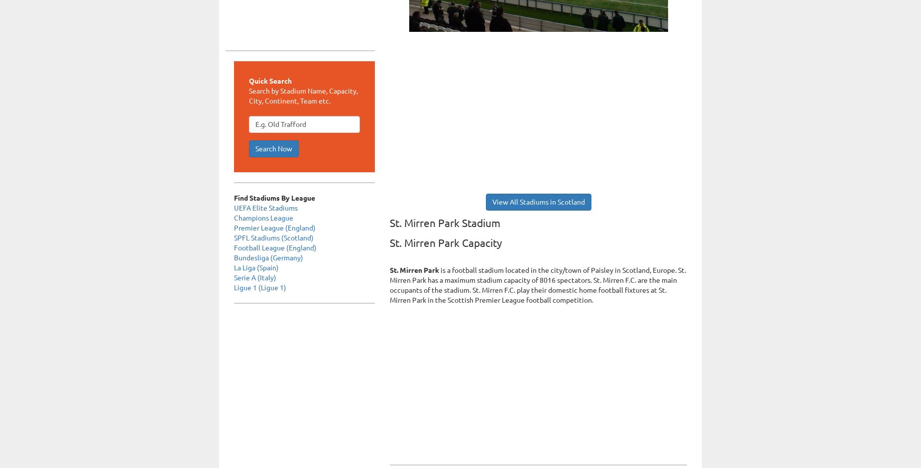 Image resolution: width=921 pixels, height=468 pixels. What do you see at coordinates (255, 277) in the screenshot?
I see `'Serie A (Italy)'` at bounding box center [255, 277].